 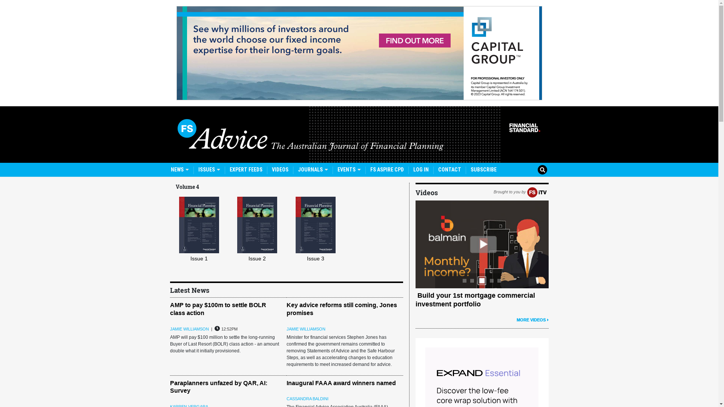 What do you see at coordinates (298, 170) in the screenshot?
I see `'JOURNALS'` at bounding box center [298, 170].